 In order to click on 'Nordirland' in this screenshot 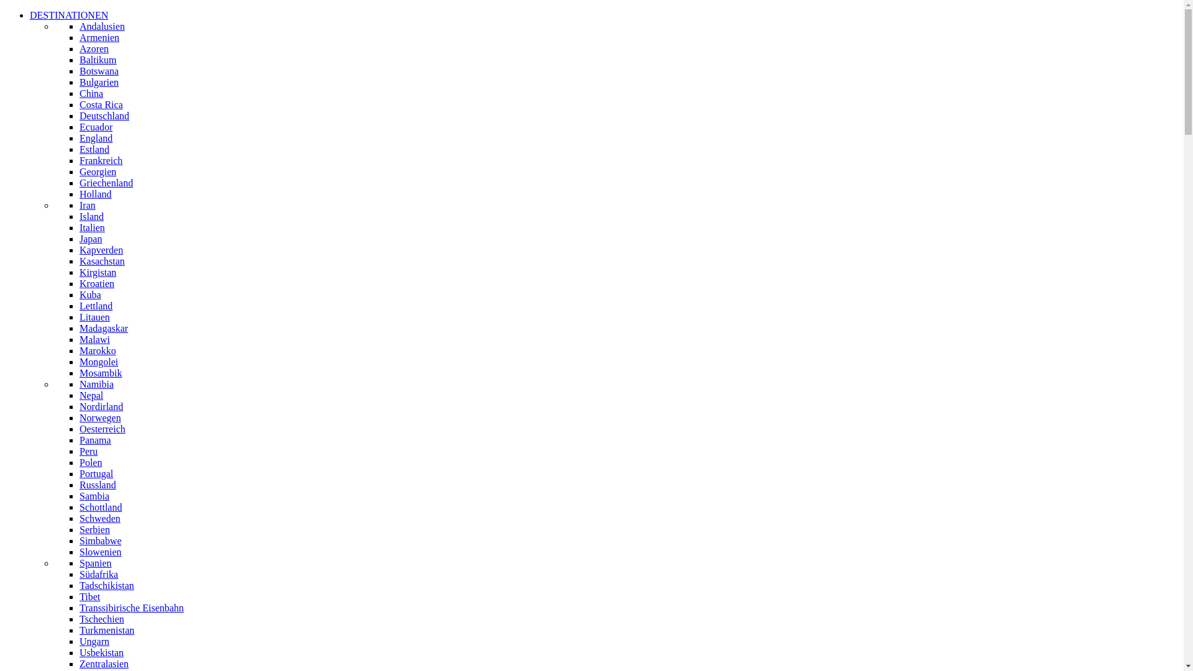, I will do `click(101, 406)`.